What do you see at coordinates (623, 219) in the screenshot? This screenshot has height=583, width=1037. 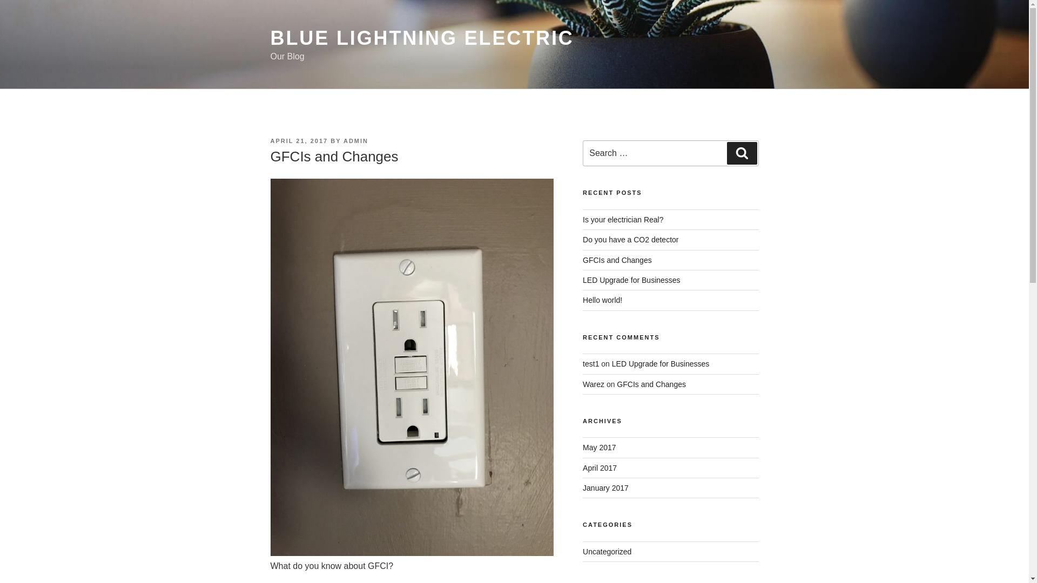 I see `'Is your electrician Real?'` at bounding box center [623, 219].